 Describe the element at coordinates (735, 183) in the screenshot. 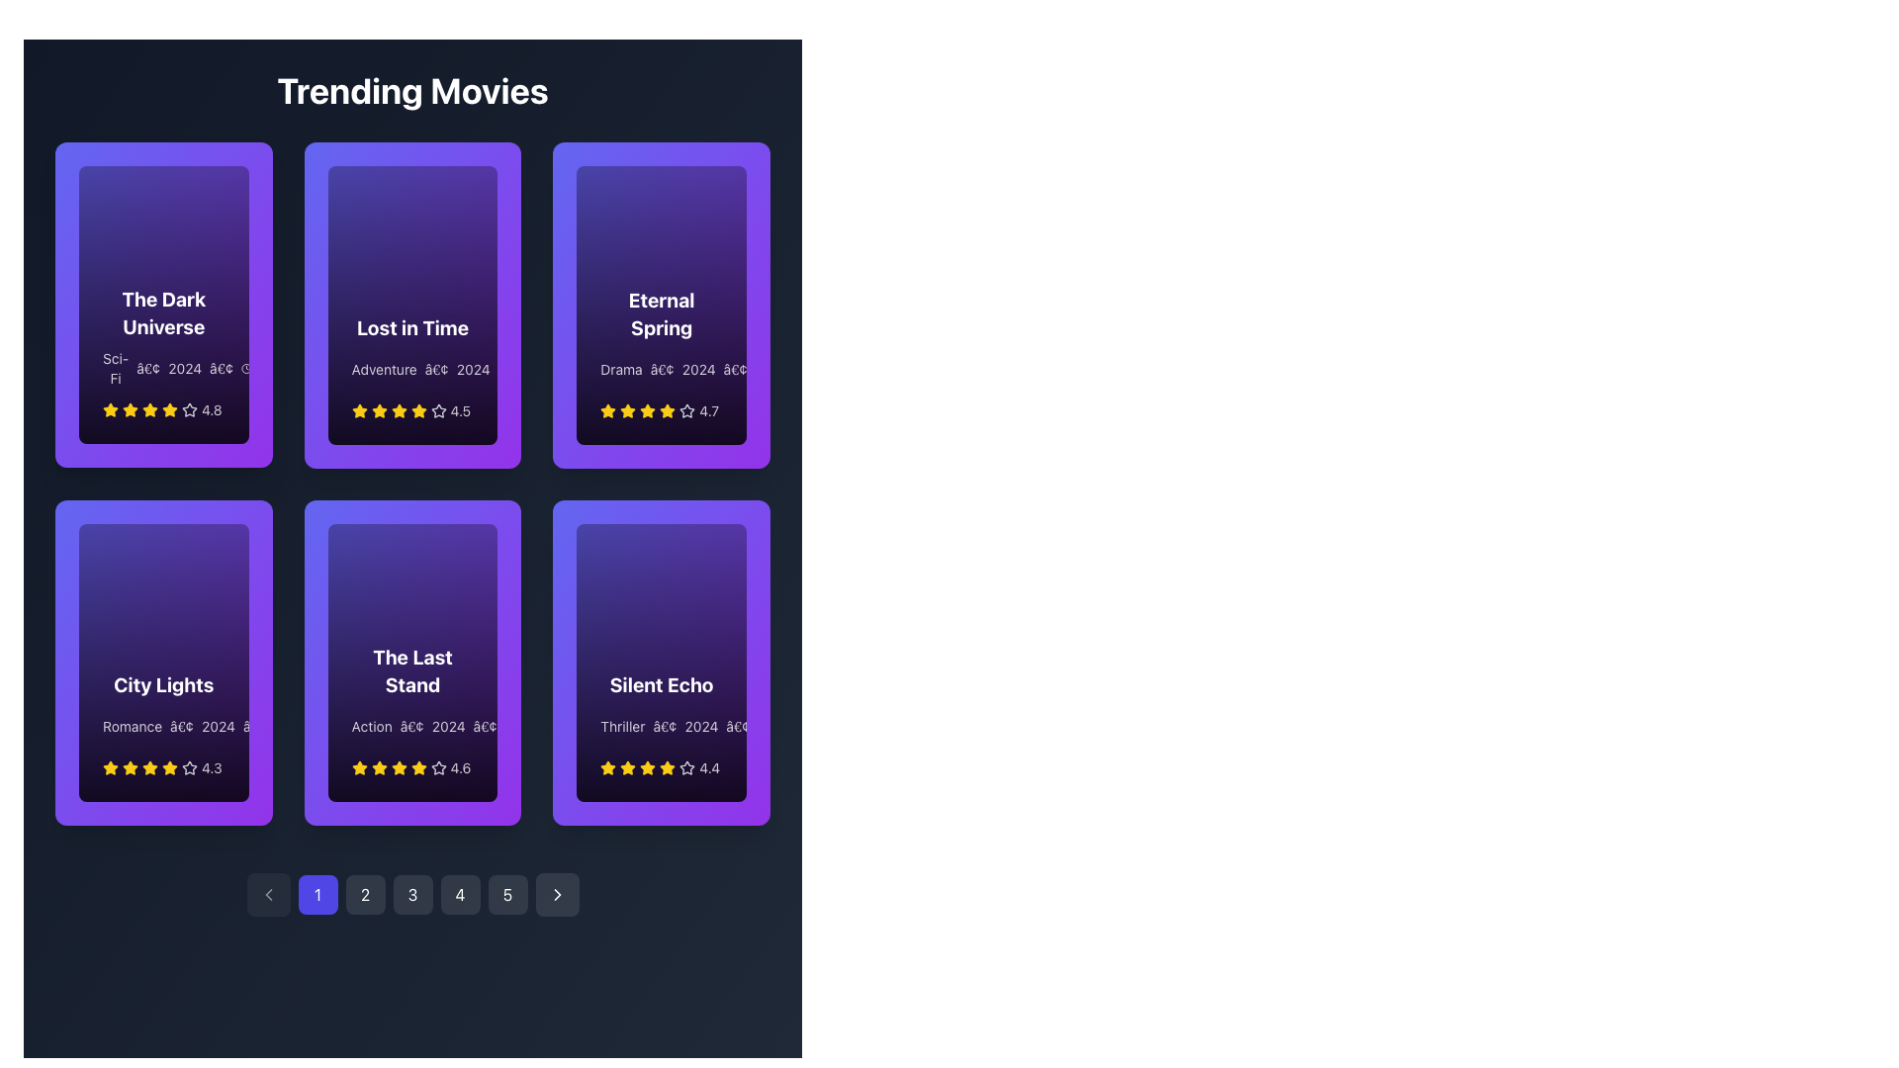

I see `the Play button icon located in the top-right area of the 'Eternal Spring' movie card, which is inside a circular button with a violet background, to initiate playback` at that location.